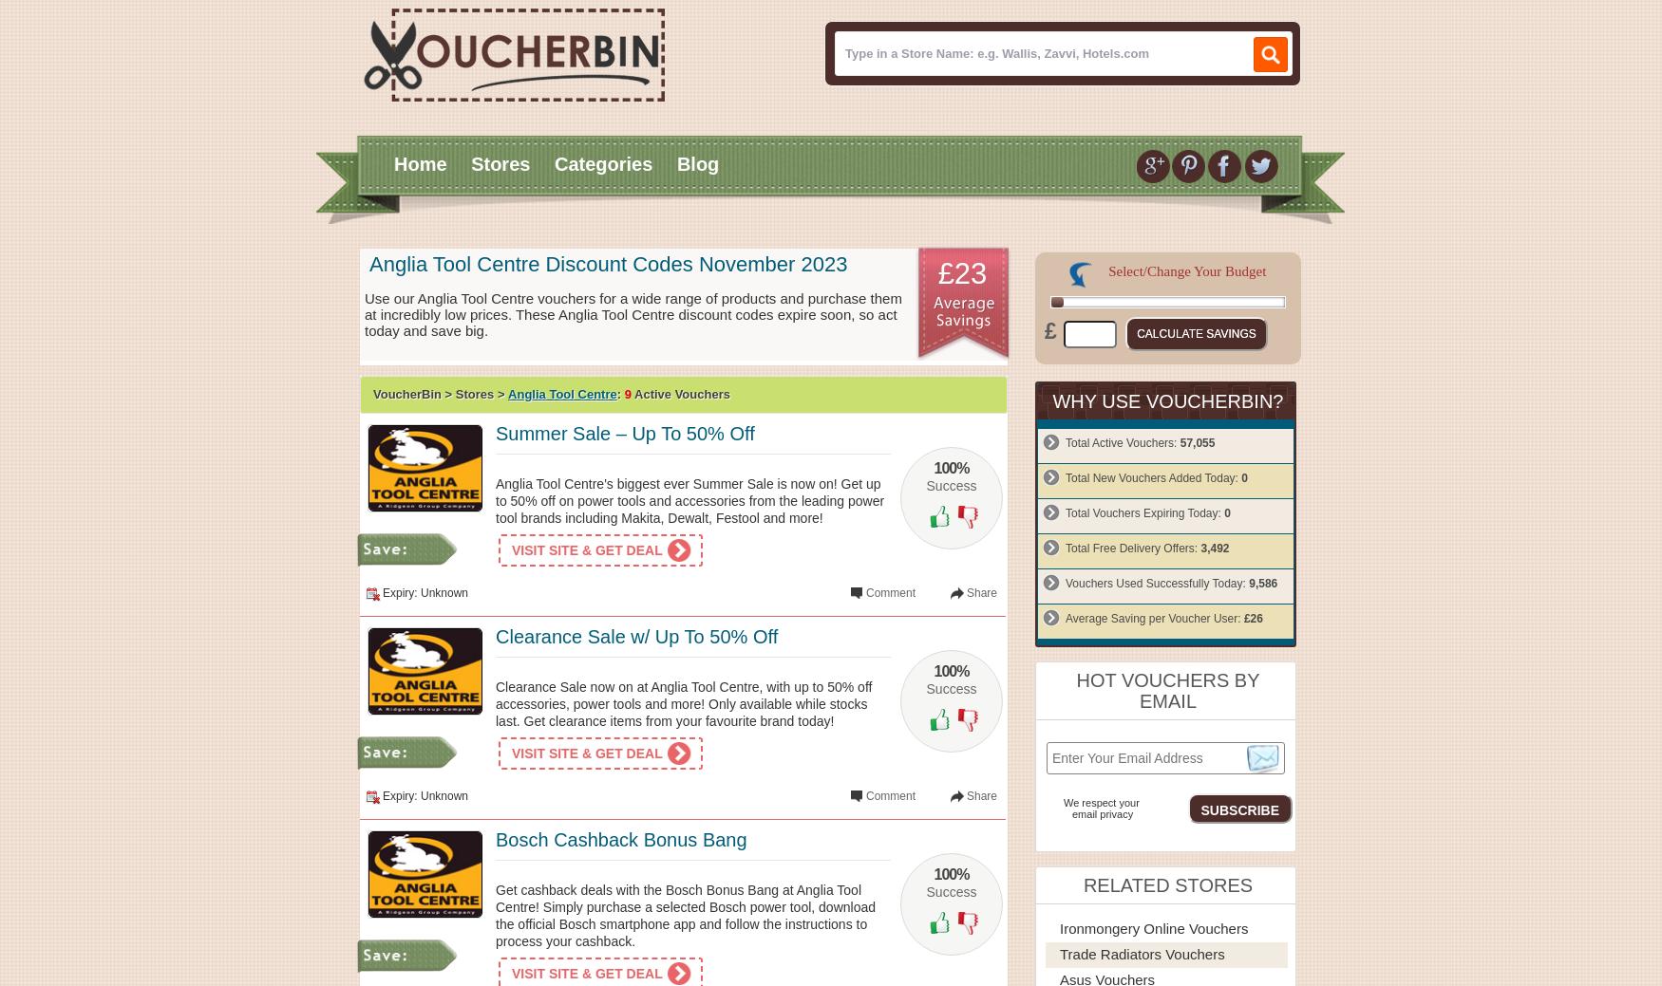 This screenshot has width=1662, height=986. I want to click on 'Hot Vouchers By Email', so click(1074, 690).